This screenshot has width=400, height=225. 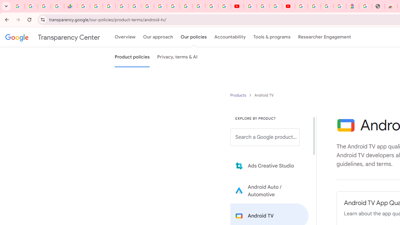 What do you see at coordinates (272, 37) in the screenshot?
I see `'Tools & programs'` at bounding box center [272, 37].